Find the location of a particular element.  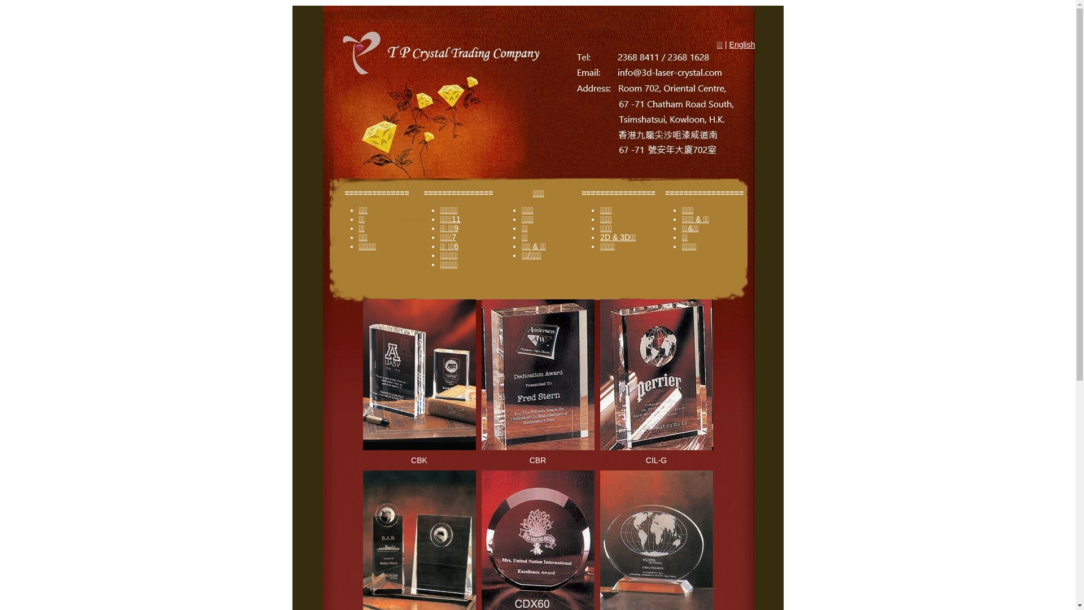

'English' is located at coordinates (742, 43).